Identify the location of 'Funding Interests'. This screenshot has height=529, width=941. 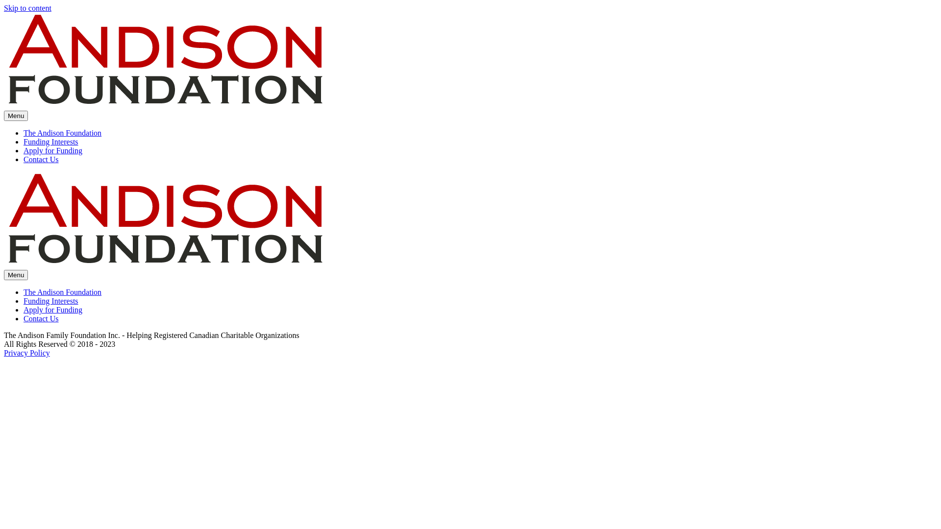
(24, 142).